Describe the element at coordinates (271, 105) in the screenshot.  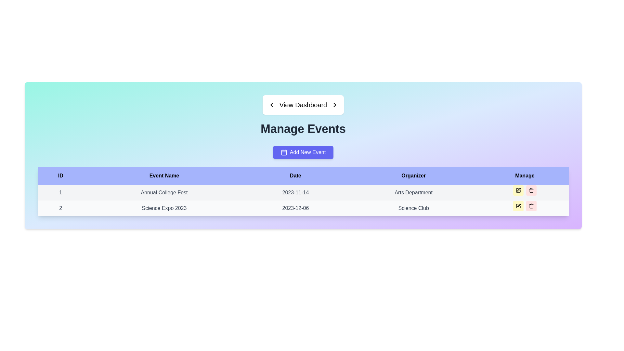
I see `the left-pointing chevron icon within the 'View Dashboard' button` at that location.